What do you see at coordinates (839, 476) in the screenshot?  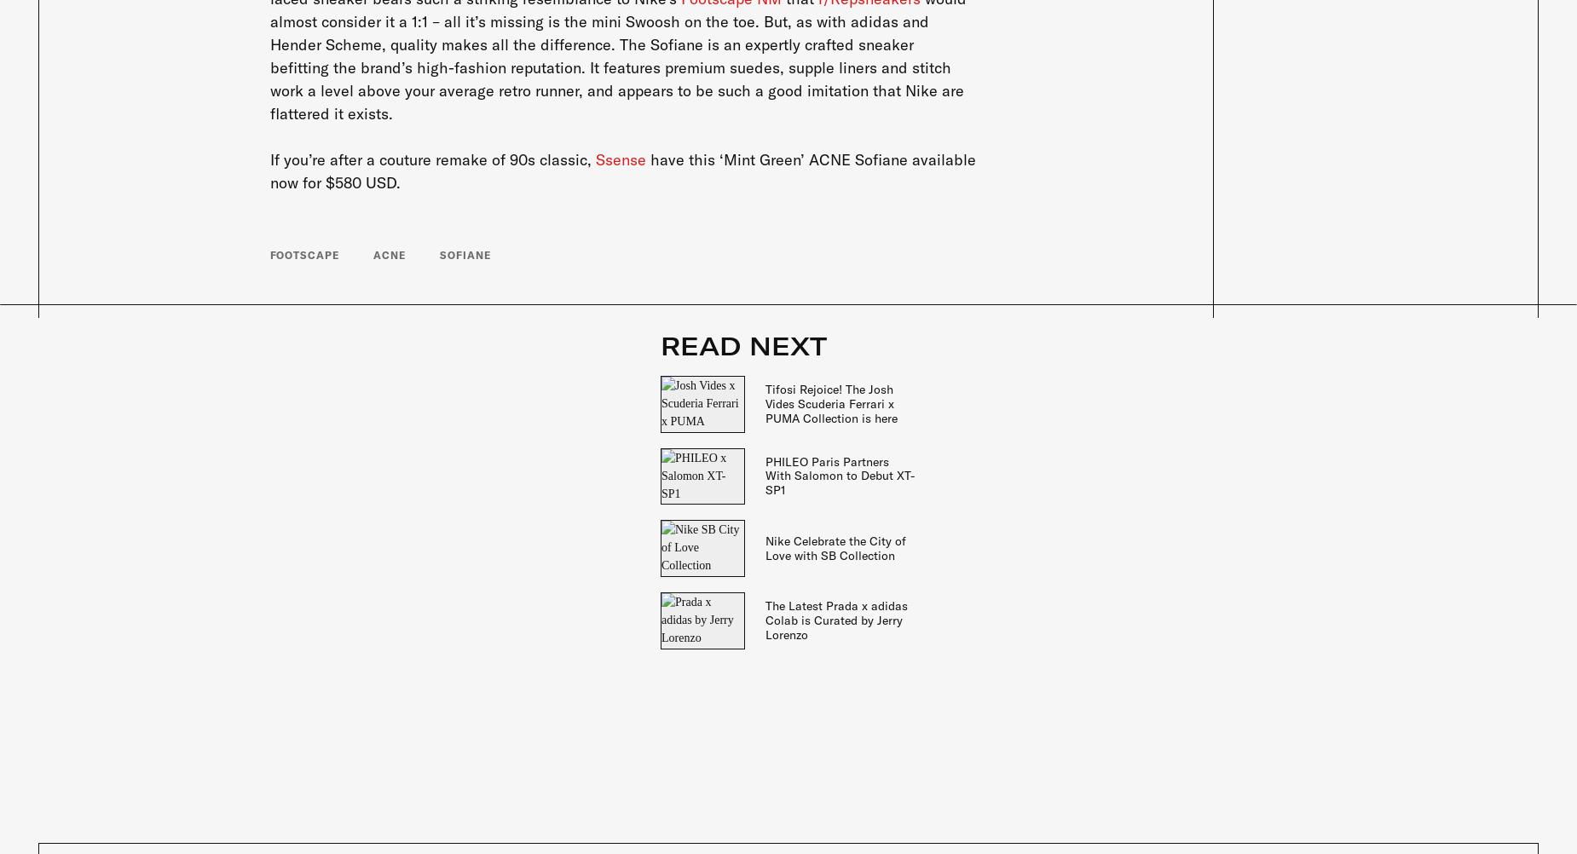 I see `'PHILEO Paris Partners With Salomon to Debut XT-SP1'` at bounding box center [839, 476].